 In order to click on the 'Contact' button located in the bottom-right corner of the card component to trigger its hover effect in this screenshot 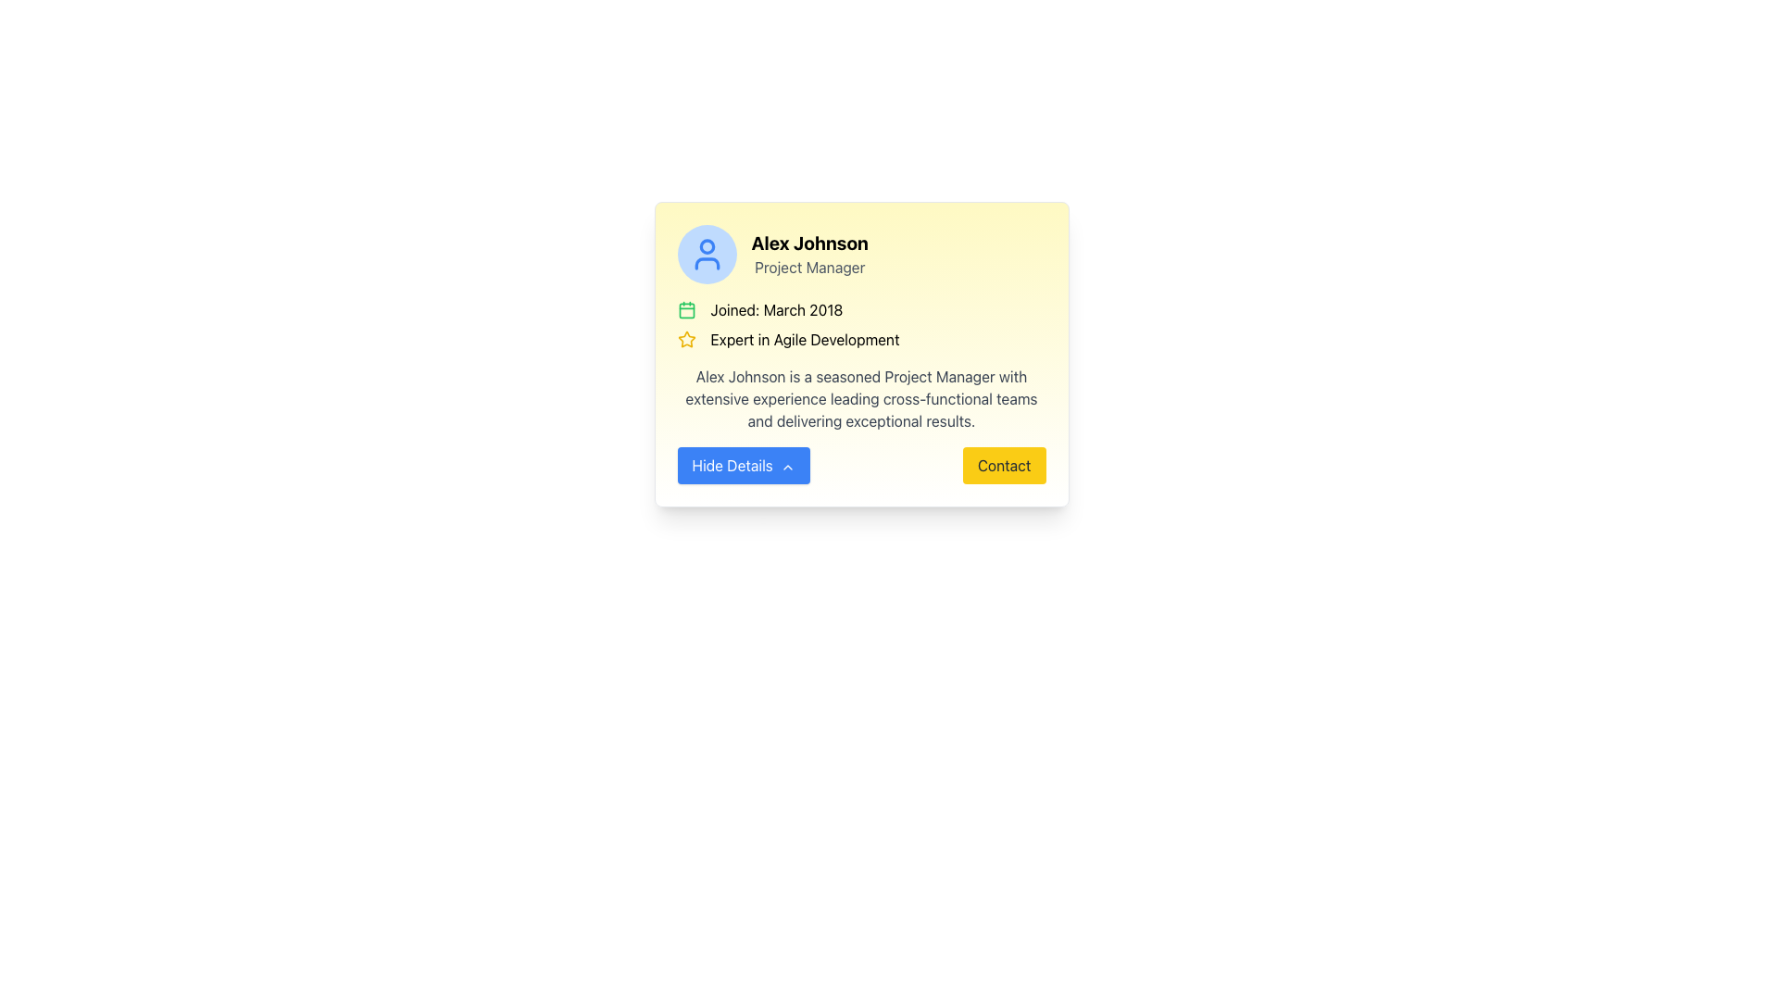, I will do `click(1003, 464)`.